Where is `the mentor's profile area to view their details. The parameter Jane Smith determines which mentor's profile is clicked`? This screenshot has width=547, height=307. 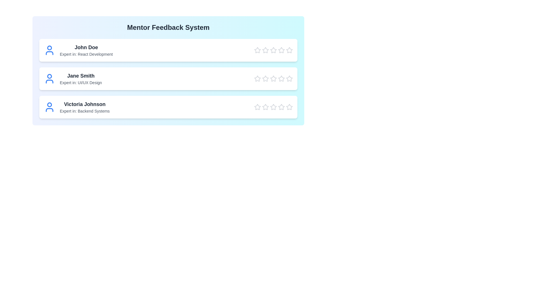
the mentor's profile area to view their details. The parameter Jane Smith determines which mentor's profile is clicked is located at coordinates (80, 75).